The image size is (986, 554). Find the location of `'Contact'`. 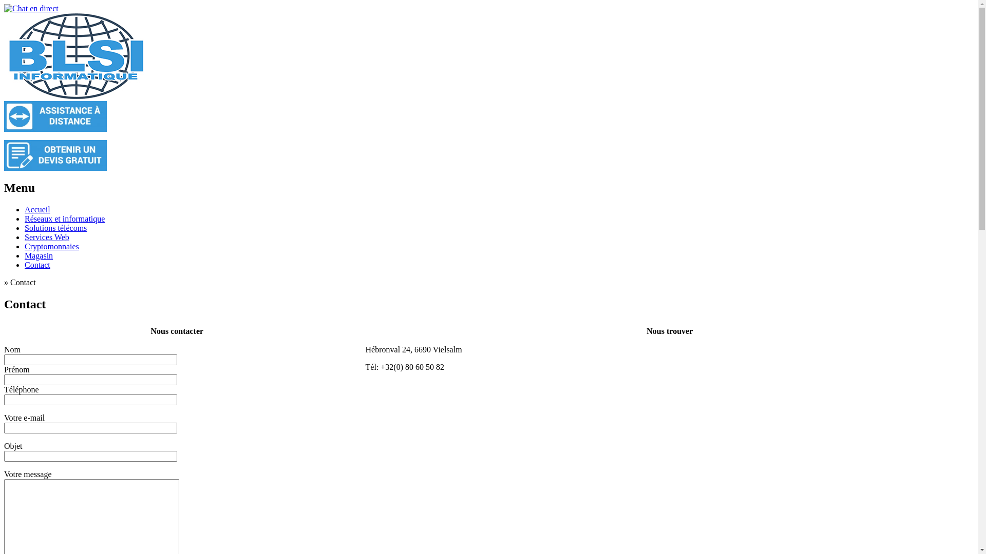

'Contact' is located at coordinates (37, 264).